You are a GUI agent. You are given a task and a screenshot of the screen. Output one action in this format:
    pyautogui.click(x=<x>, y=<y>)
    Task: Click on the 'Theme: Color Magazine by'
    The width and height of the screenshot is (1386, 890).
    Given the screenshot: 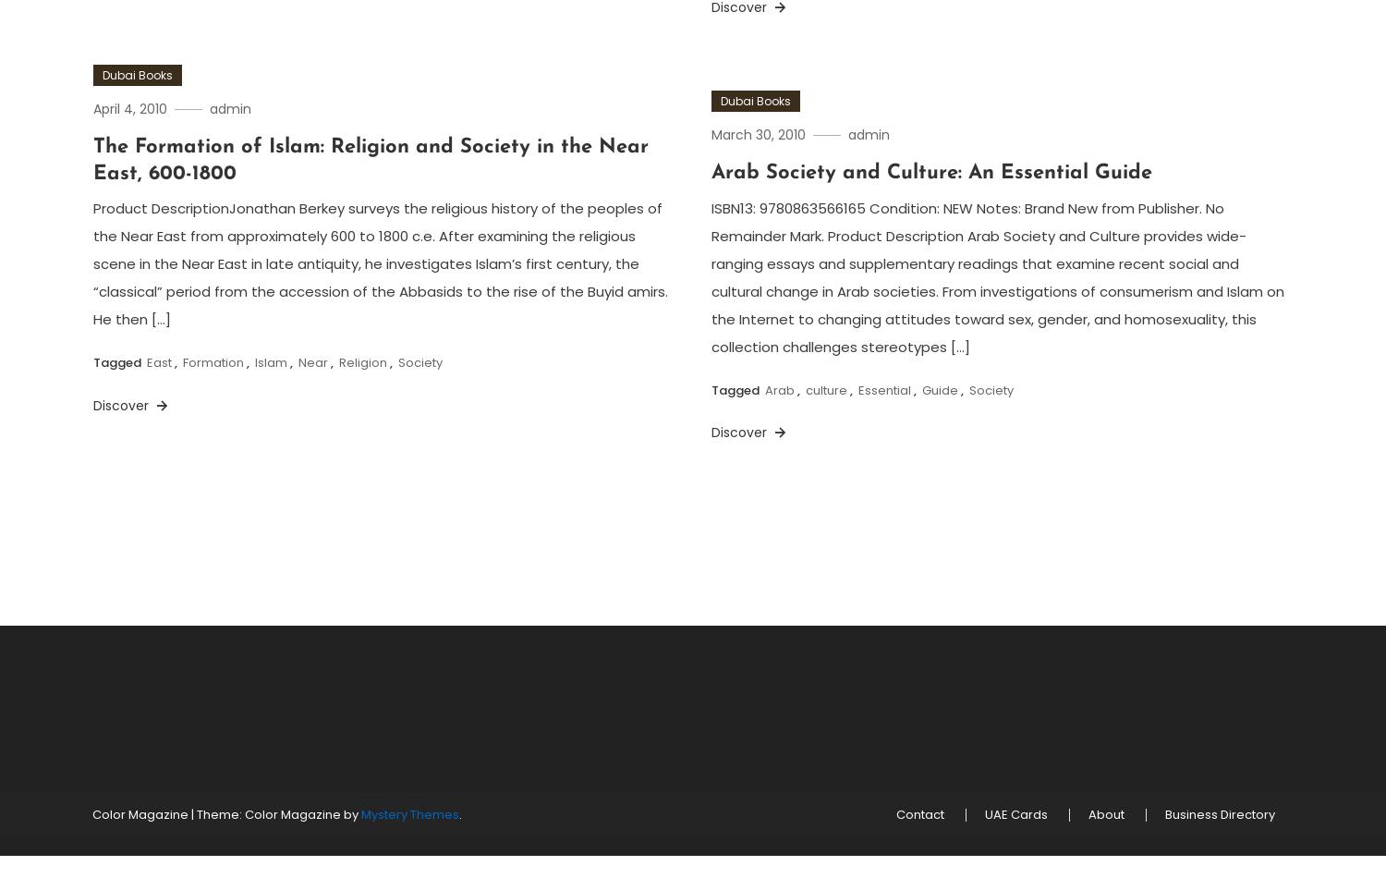 What is the action you would take?
    pyautogui.click(x=278, y=813)
    